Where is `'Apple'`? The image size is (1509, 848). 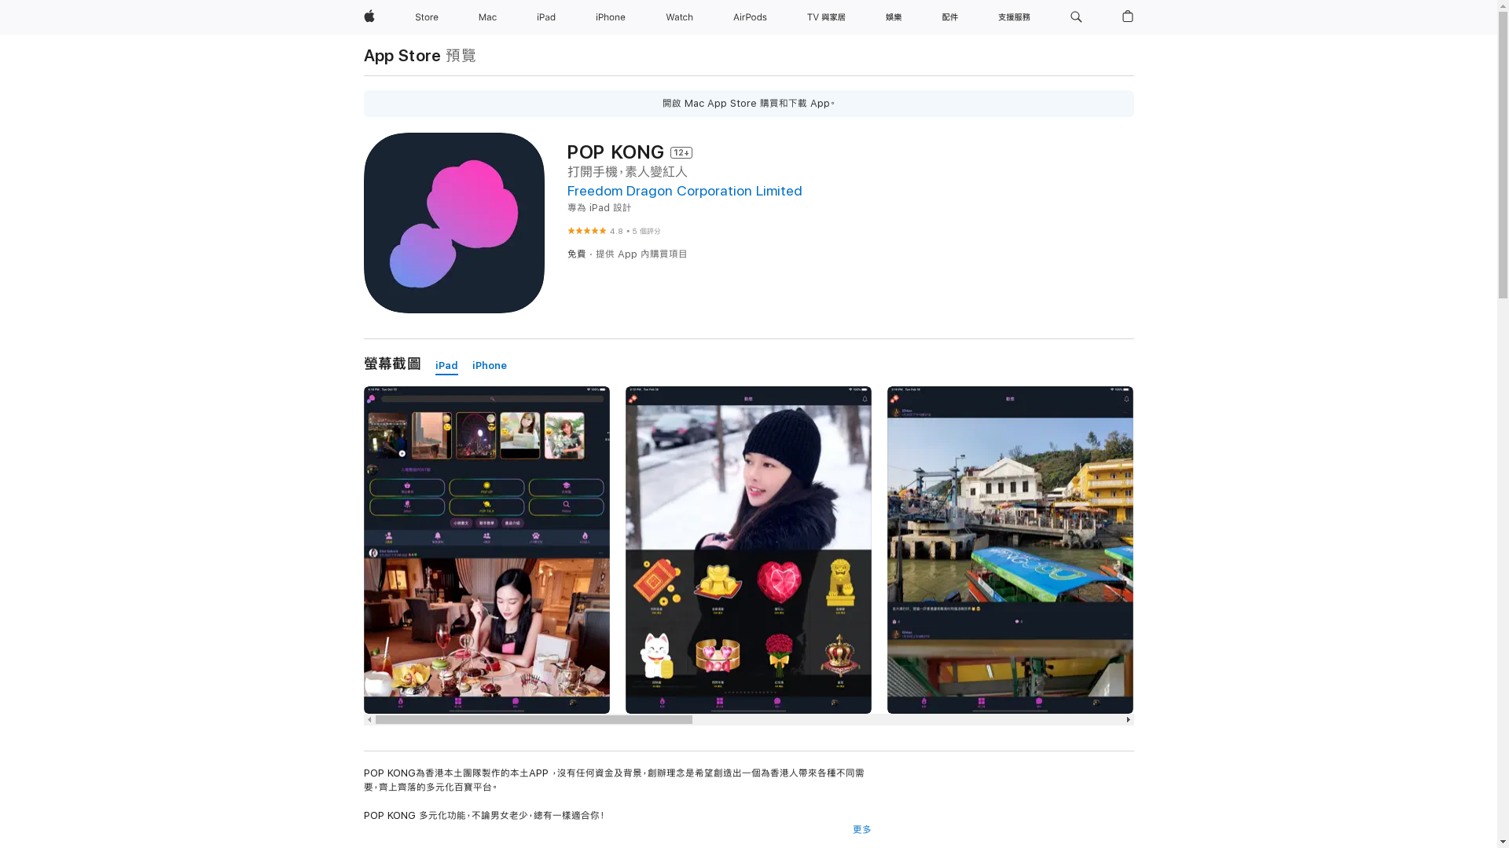
'Apple' is located at coordinates (368, 17).